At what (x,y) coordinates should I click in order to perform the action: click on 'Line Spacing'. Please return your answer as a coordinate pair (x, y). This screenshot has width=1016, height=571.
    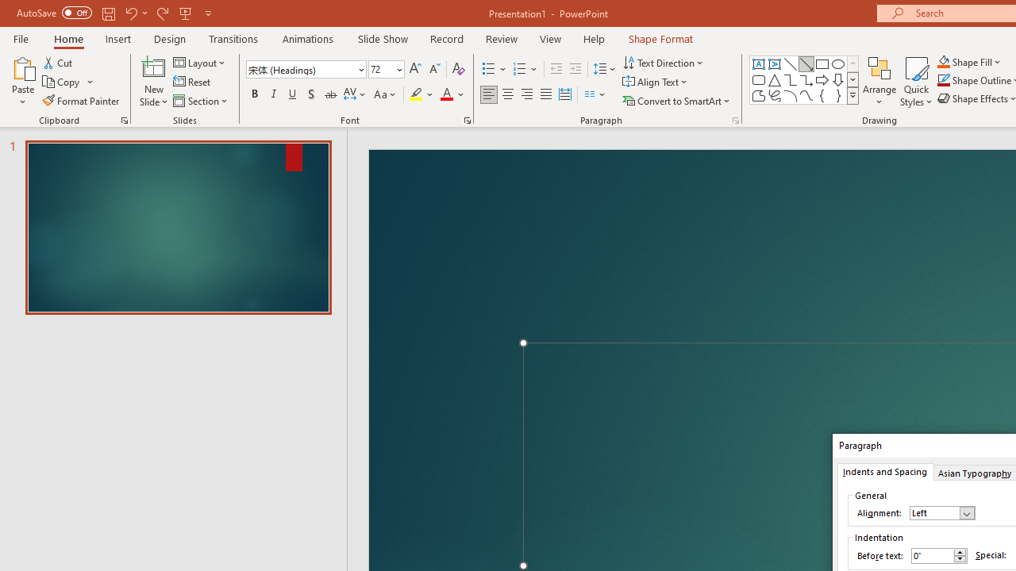
    Looking at the image, I should click on (604, 68).